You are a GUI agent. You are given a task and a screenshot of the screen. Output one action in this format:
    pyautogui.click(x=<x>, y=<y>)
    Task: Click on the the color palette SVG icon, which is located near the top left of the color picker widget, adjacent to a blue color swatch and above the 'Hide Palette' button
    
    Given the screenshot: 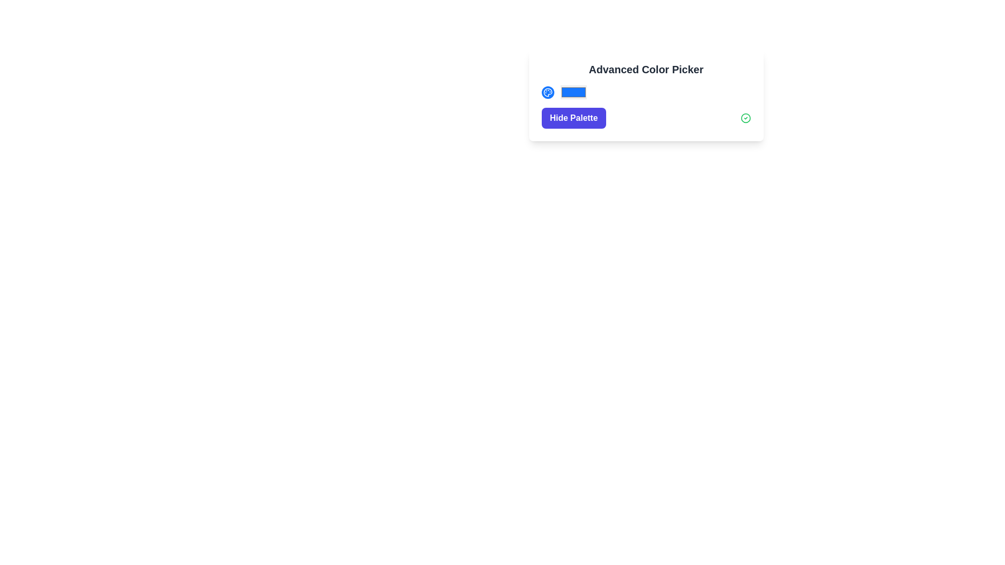 What is the action you would take?
    pyautogui.click(x=547, y=92)
    